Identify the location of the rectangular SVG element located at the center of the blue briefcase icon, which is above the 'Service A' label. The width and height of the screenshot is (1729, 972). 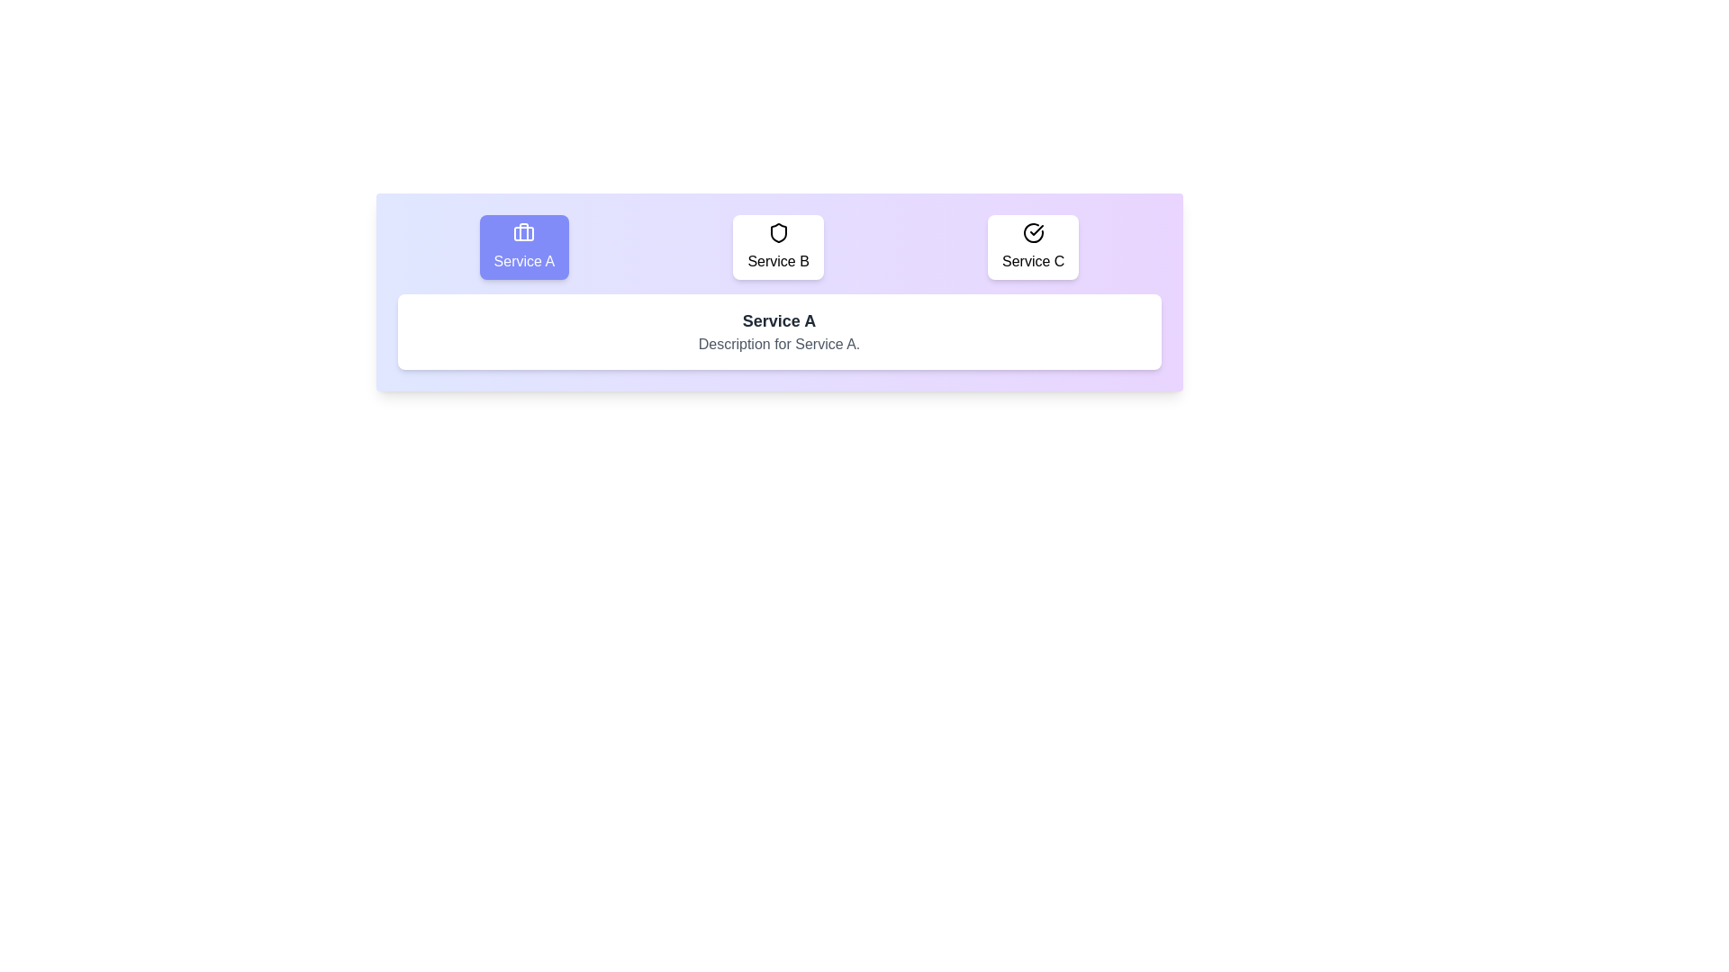
(523, 232).